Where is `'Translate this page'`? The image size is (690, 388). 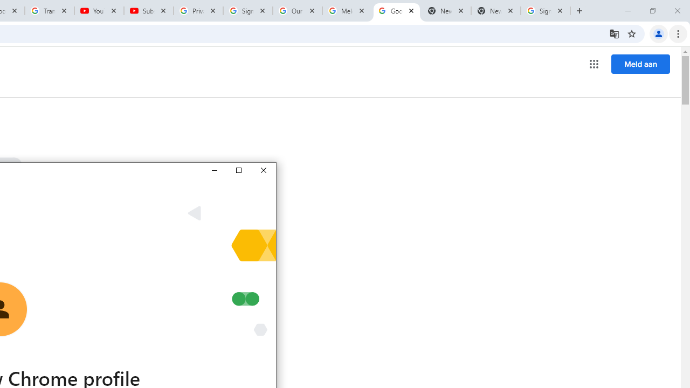 'Translate this page' is located at coordinates (614, 33).